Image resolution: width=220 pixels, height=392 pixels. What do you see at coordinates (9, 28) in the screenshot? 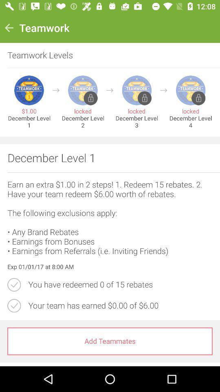
I see `icon to the left of teamwork item` at bounding box center [9, 28].